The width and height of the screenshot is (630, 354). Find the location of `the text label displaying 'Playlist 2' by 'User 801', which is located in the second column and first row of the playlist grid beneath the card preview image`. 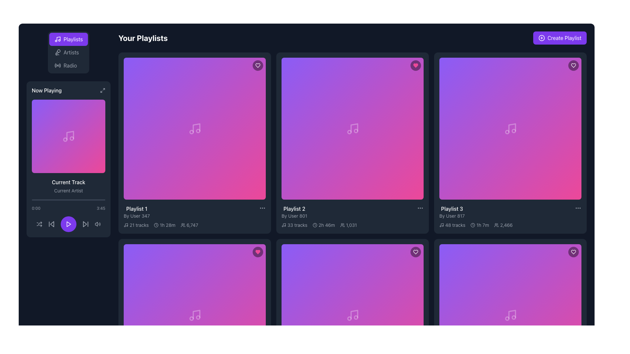

the text label displaying 'Playlist 2' by 'User 801', which is located in the second column and first row of the playlist grid beneath the card preview image is located at coordinates (294, 212).